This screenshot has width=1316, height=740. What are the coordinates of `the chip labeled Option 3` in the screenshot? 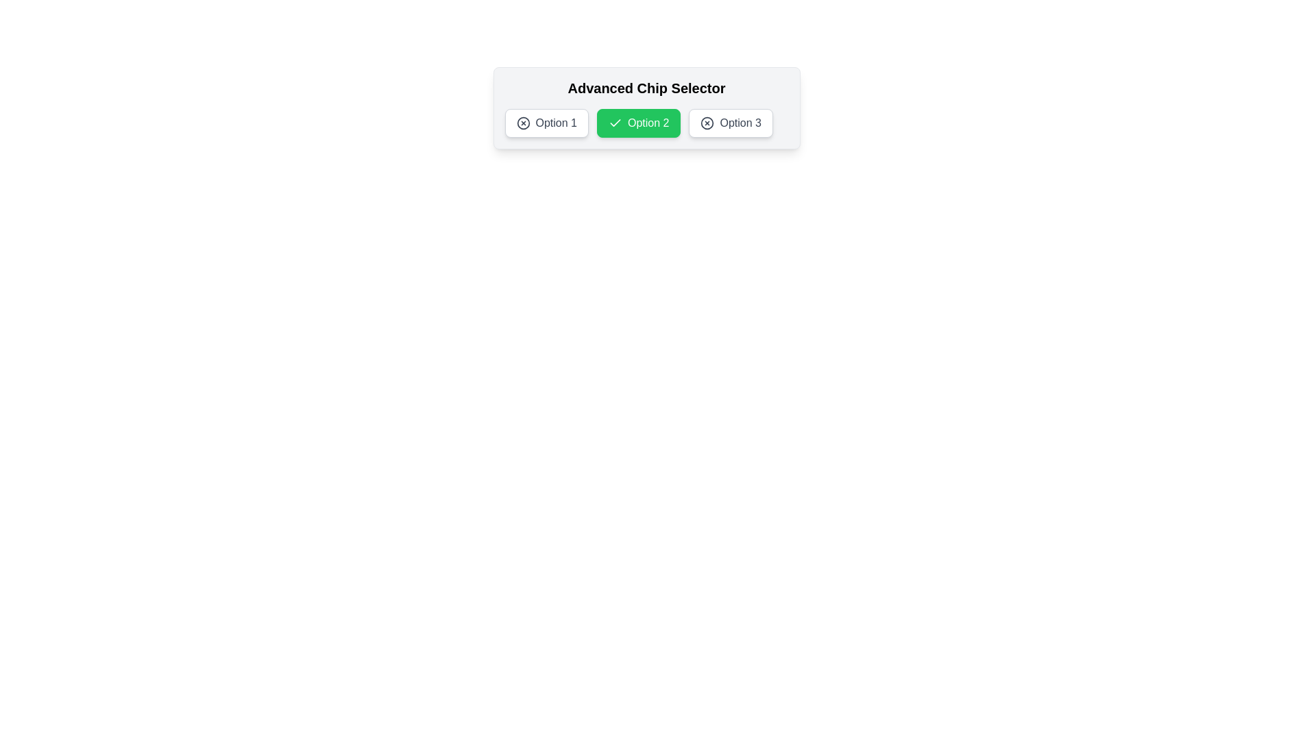 It's located at (730, 123).